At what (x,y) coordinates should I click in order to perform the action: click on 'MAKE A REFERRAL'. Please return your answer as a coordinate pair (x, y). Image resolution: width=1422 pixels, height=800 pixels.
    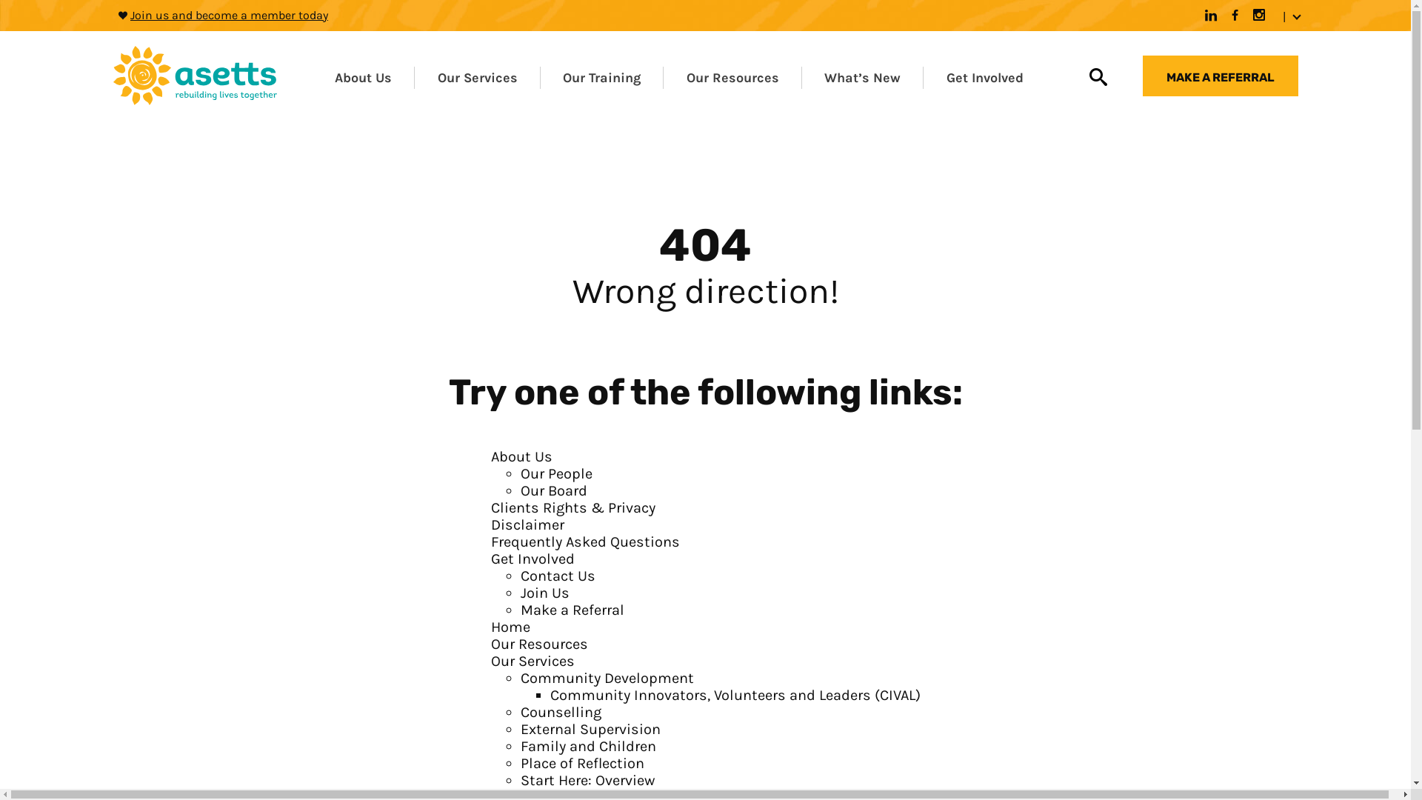
    Looking at the image, I should click on (1219, 76).